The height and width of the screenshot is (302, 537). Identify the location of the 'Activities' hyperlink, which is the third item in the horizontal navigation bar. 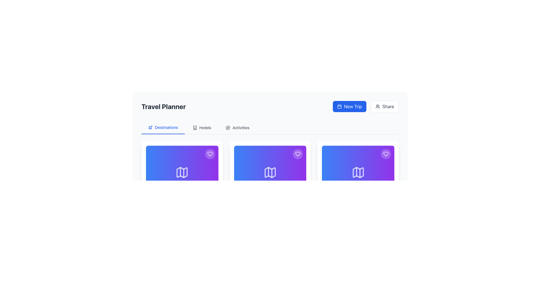
(237, 128).